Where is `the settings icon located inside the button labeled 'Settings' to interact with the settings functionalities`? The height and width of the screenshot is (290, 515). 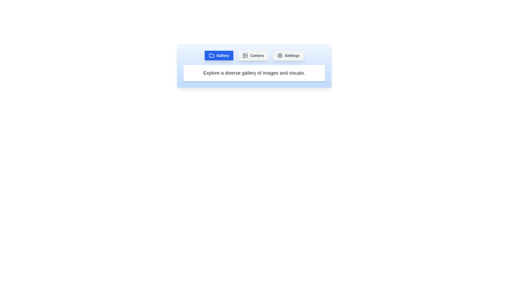
the settings icon located inside the button labeled 'Settings' to interact with the settings functionalities is located at coordinates (279, 56).